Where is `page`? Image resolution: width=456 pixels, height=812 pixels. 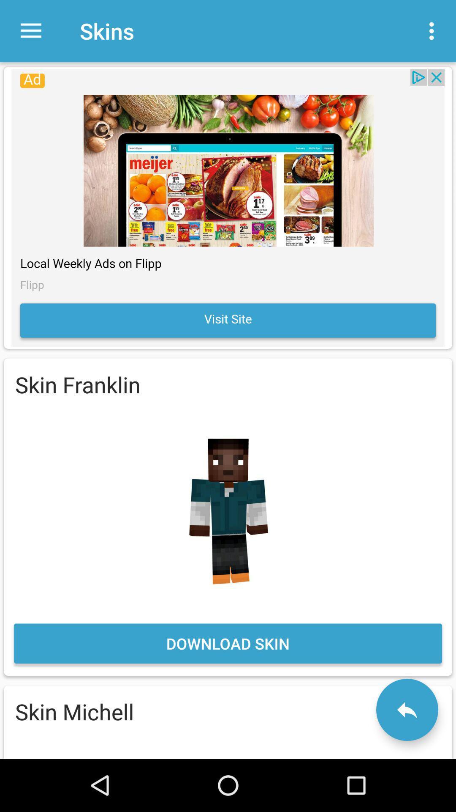
page is located at coordinates (228, 208).